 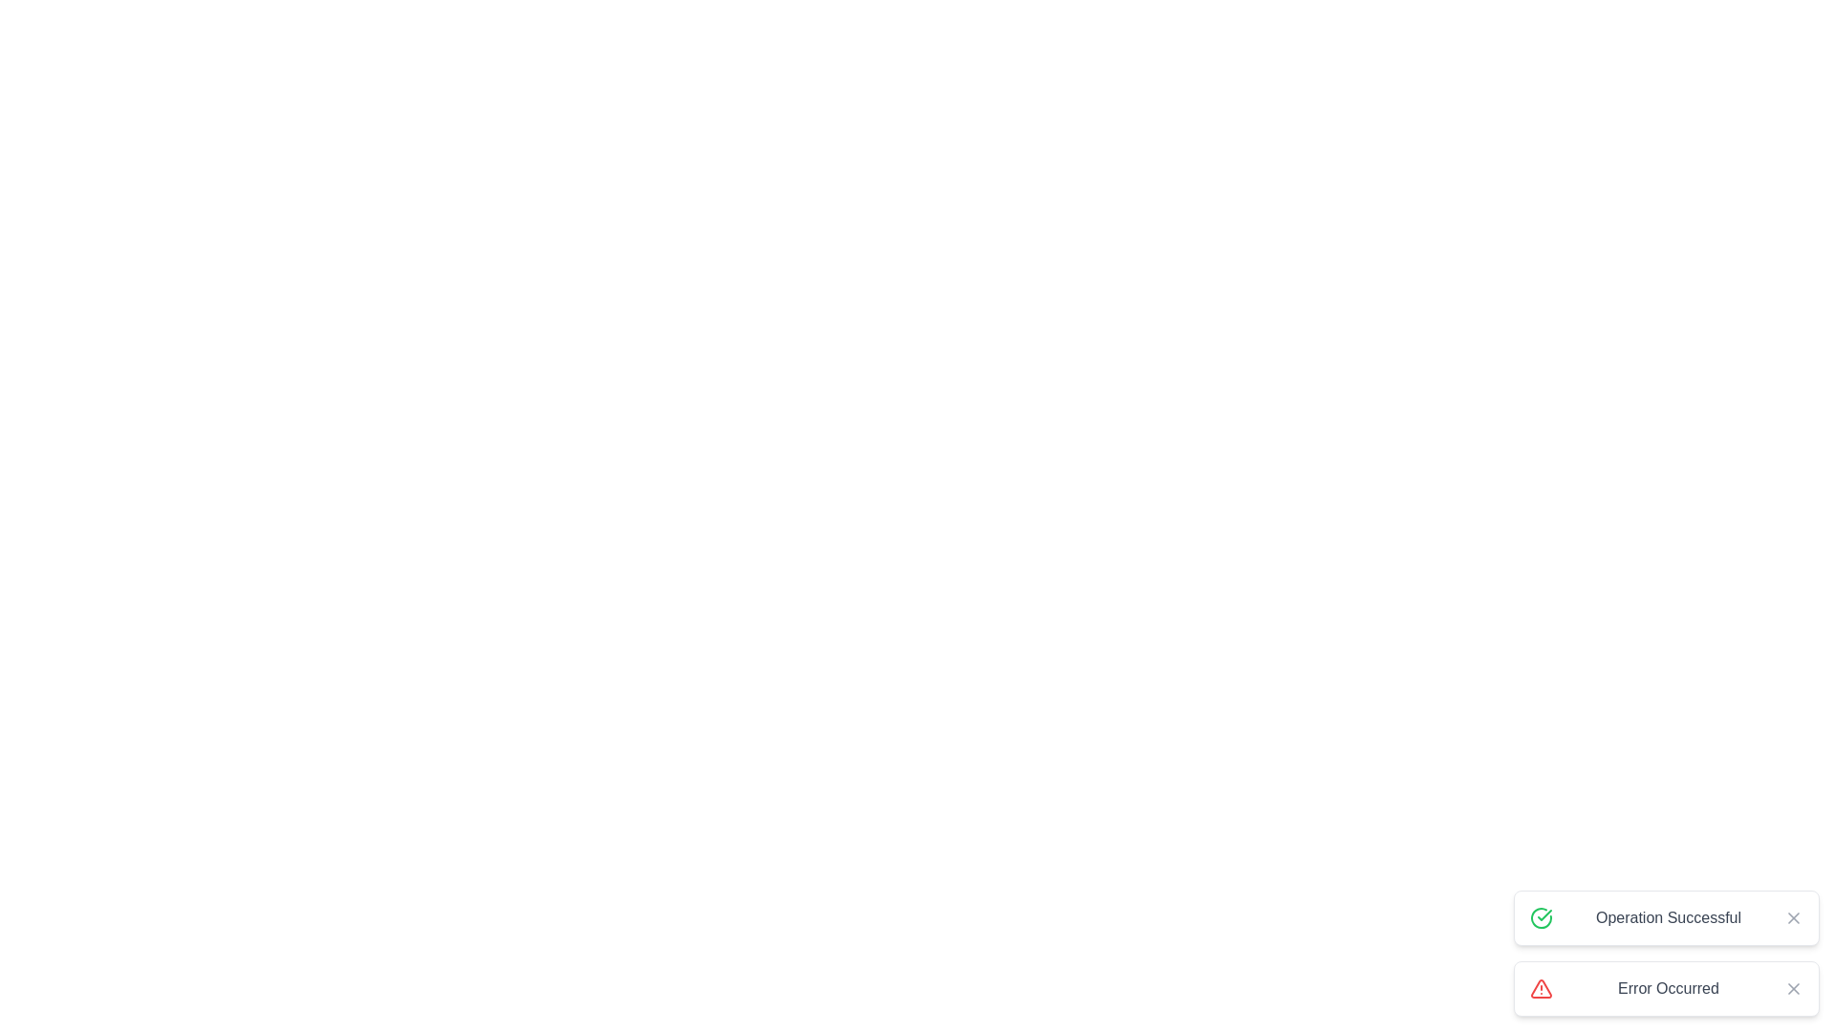 What do you see at coordinates (1668, 916) in the screenshot?
I see `the non-interactive Text label that provides feedback about the success of an operation, positioned between a green checkmark icon and a close button` at bounding box center [1668, 916].